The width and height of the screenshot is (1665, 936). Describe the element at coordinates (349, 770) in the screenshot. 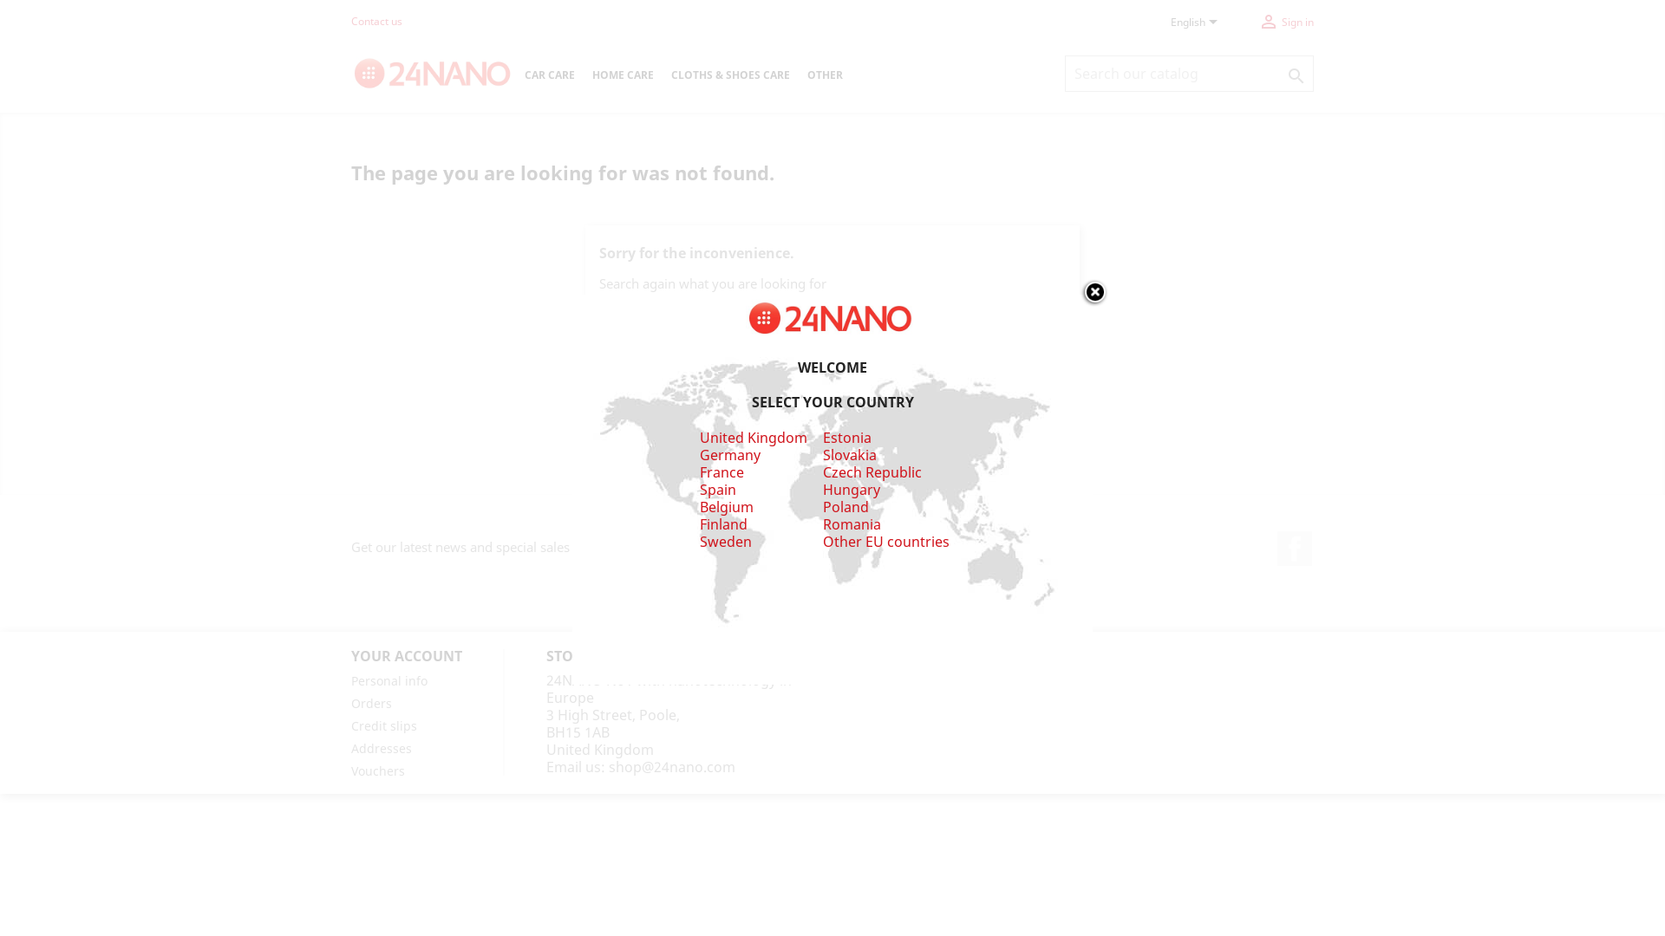

I see `'Vouchers'` at that location.